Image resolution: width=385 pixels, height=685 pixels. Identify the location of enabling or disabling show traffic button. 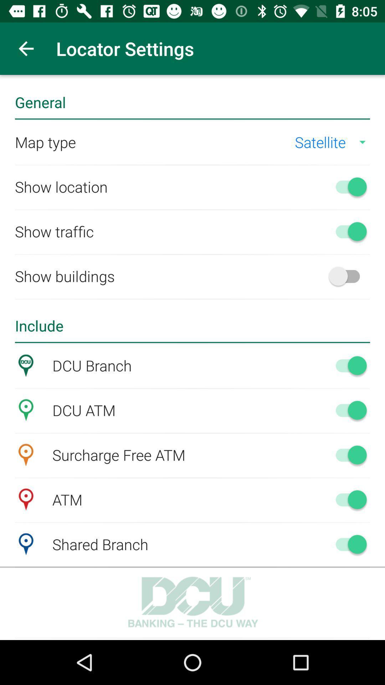
(347, 231).